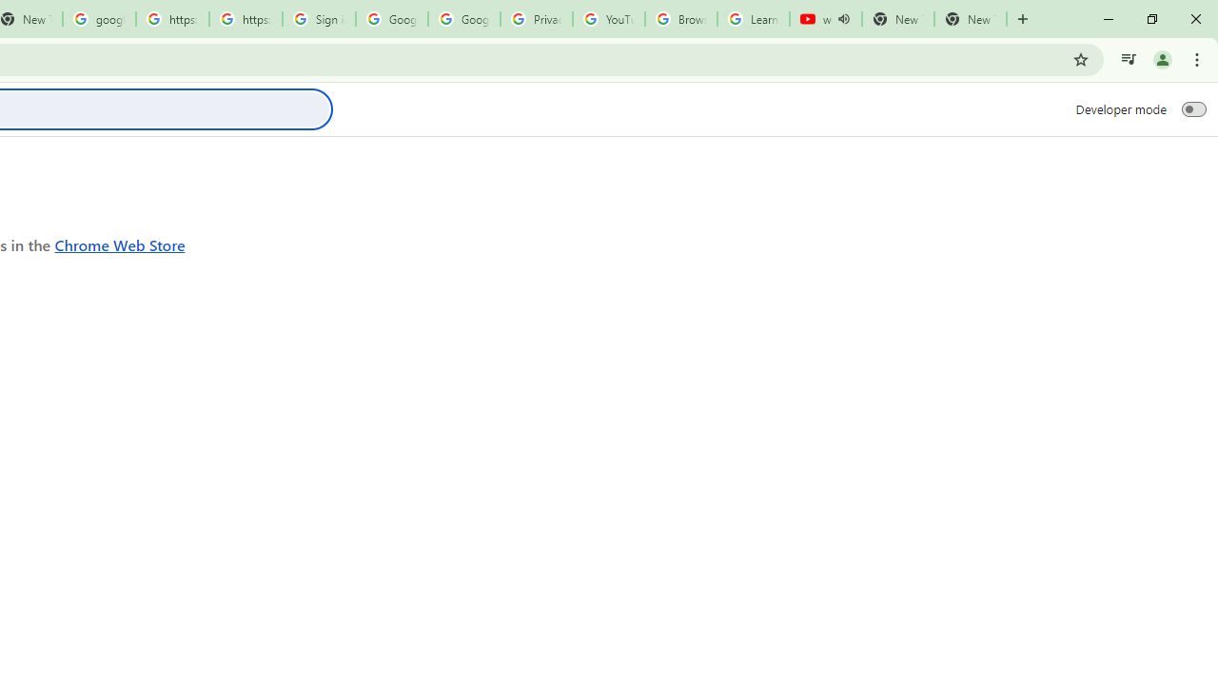 This screenshot has width=1218, height=685. What do you see at coordinates (681, 19) in the screenshot?
I see `'Browse Chrome as a guest - Computer - Google Chrome Help'` at bounding box center [681, 19].